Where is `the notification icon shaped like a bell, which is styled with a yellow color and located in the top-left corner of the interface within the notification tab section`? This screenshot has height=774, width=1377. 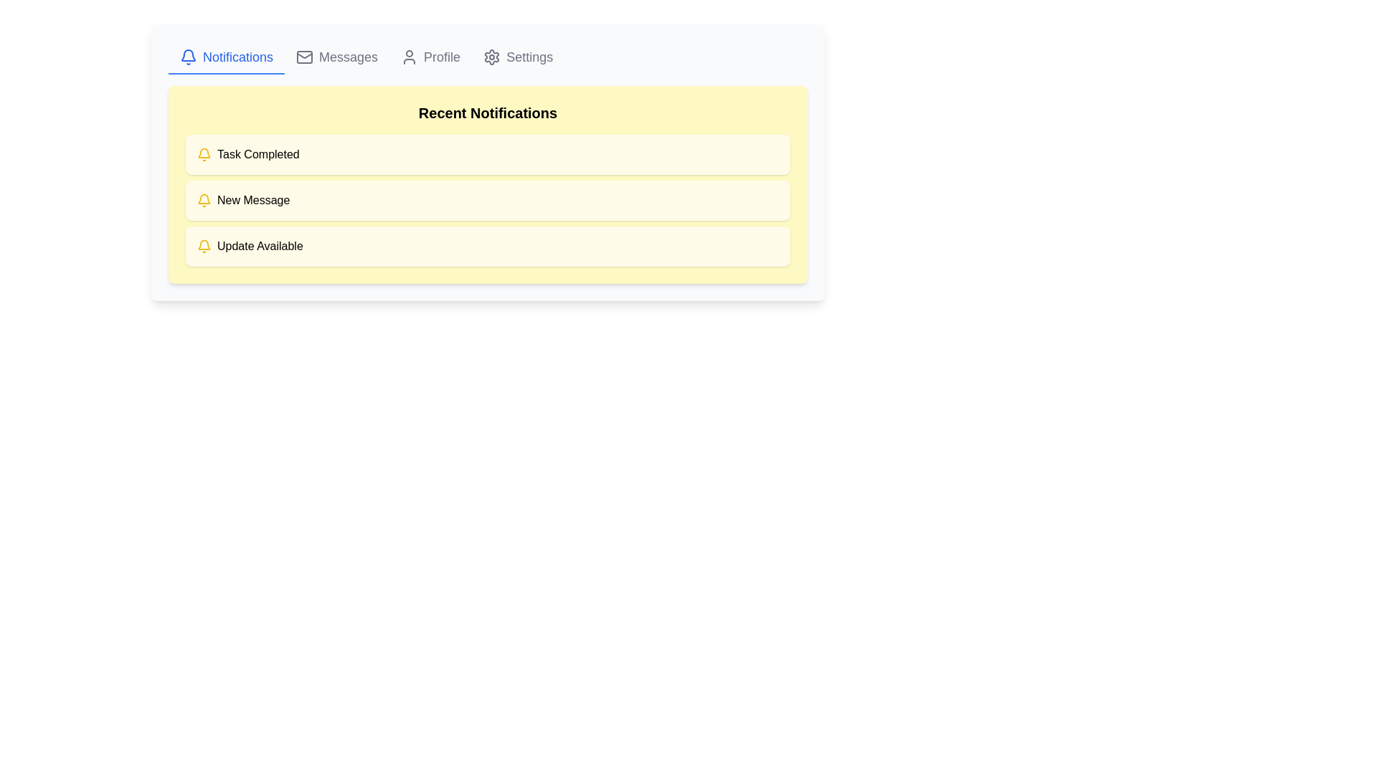
the notification icon shaped like a bell, which is styled with a yellow color and located in the top-left corner of the interface within the notification tab section is located at coordinates (203, 199).